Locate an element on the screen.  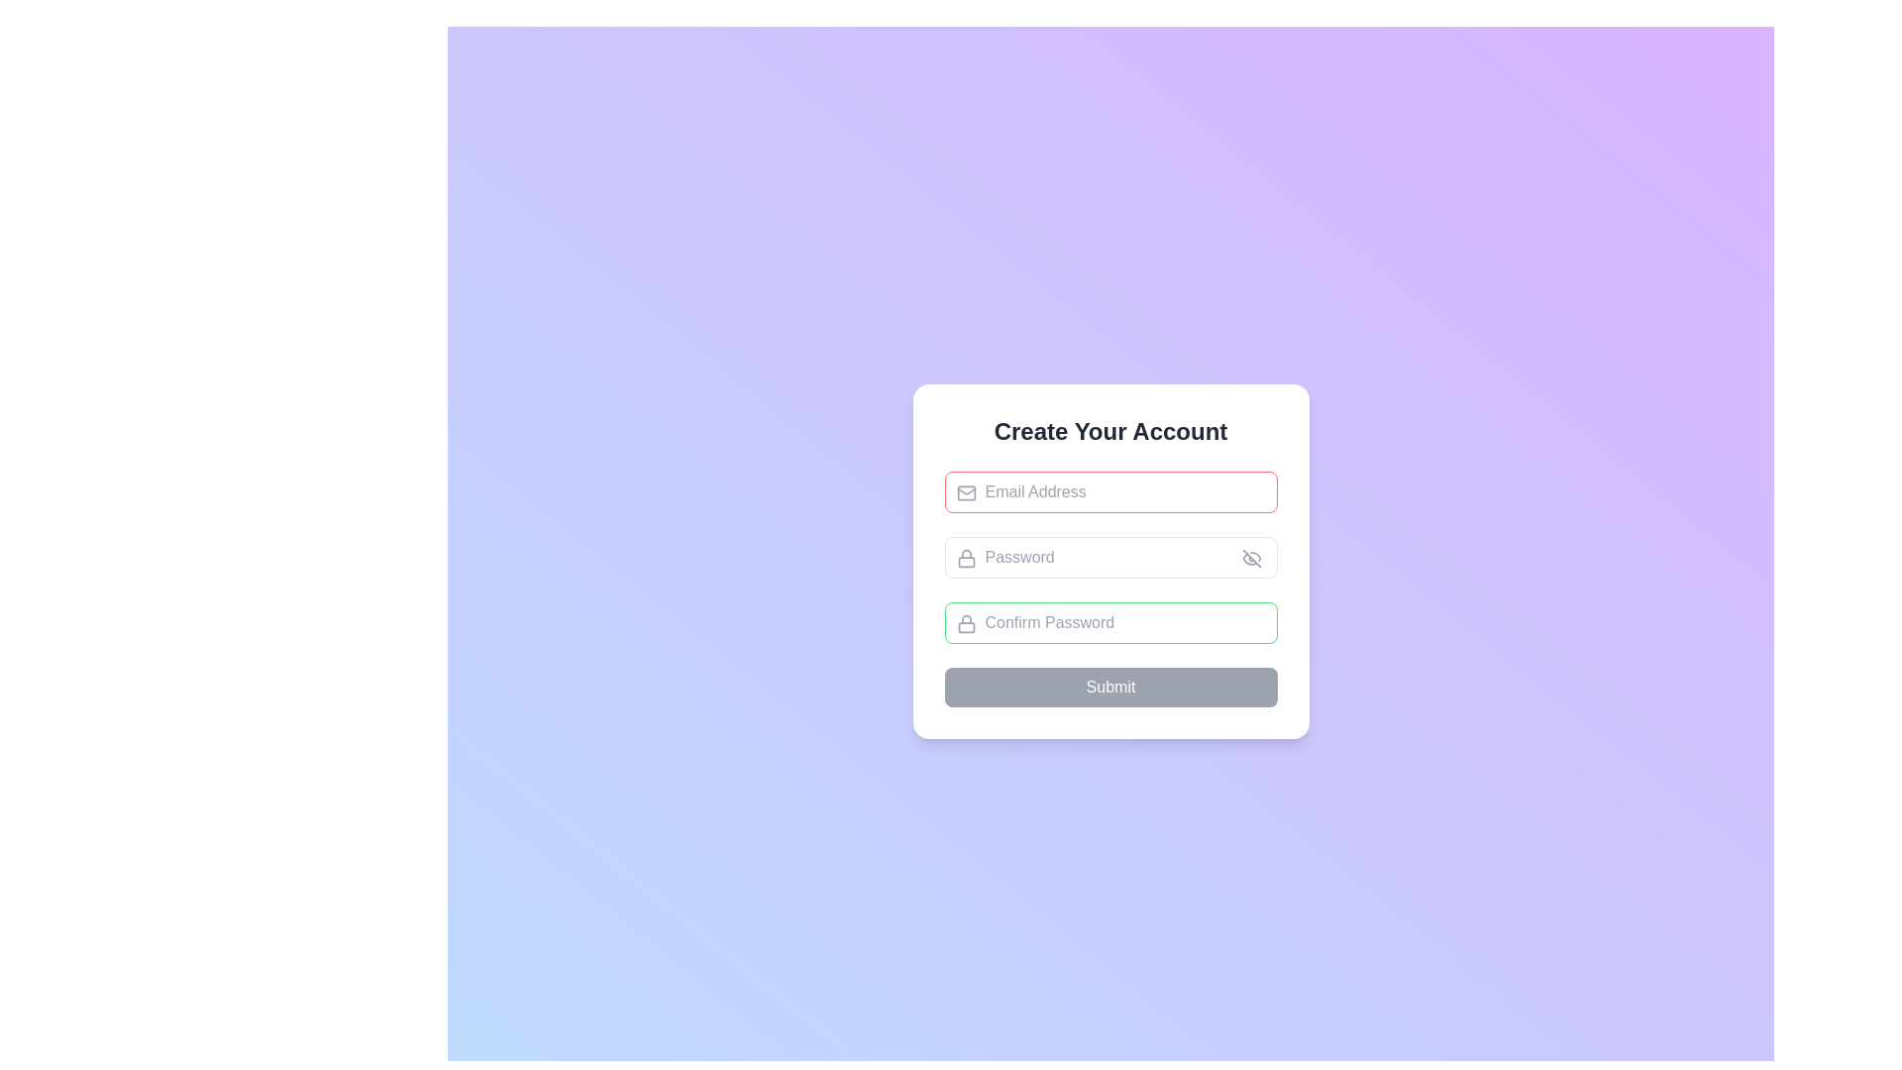
the graphical SVG component that symbolizes an email envelope, which is located on the left side of the 'Email Address' input field in the account creation card is located at coordinates (966, 491).